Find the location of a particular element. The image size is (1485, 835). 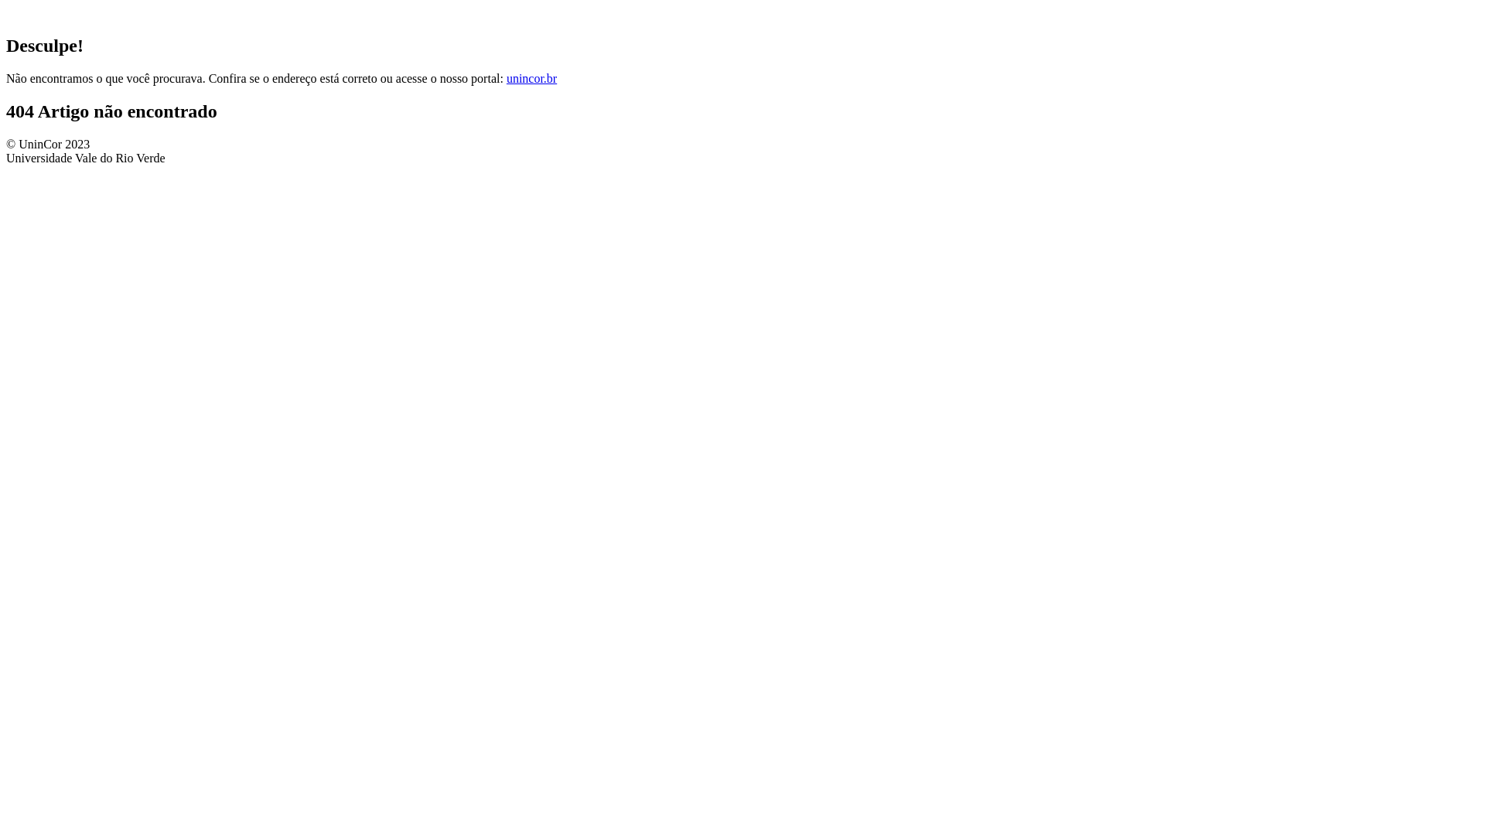

'unincor.br' is located at coordinates (506, 78).